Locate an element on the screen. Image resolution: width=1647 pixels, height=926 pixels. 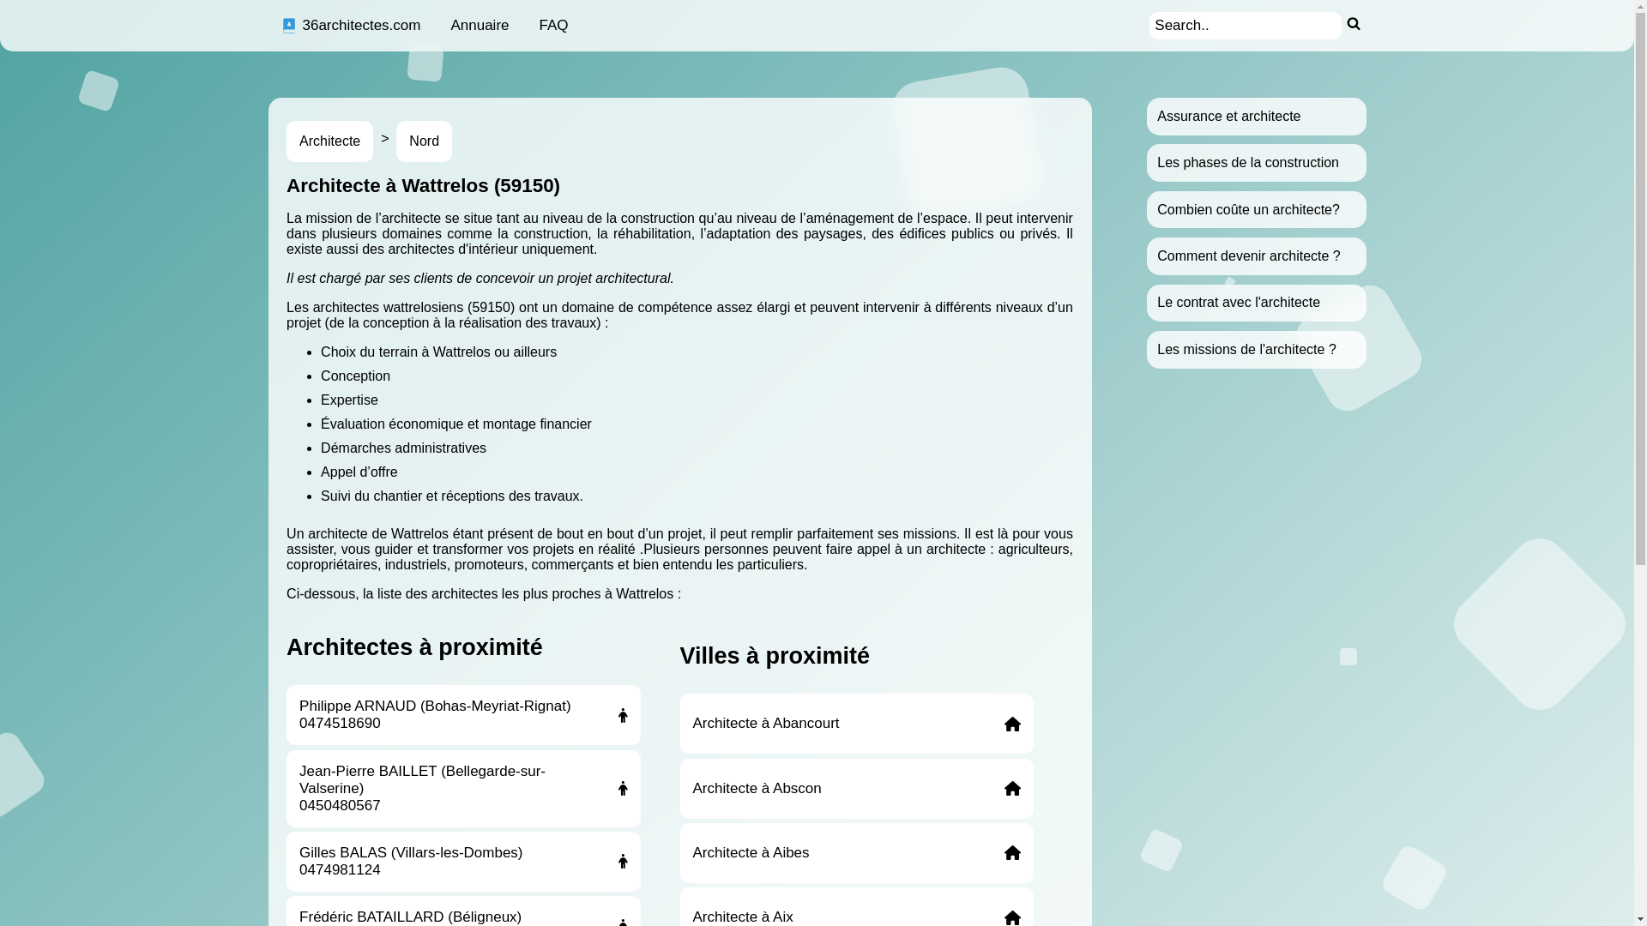
'FAQ' is located at coordinates (554, 26).